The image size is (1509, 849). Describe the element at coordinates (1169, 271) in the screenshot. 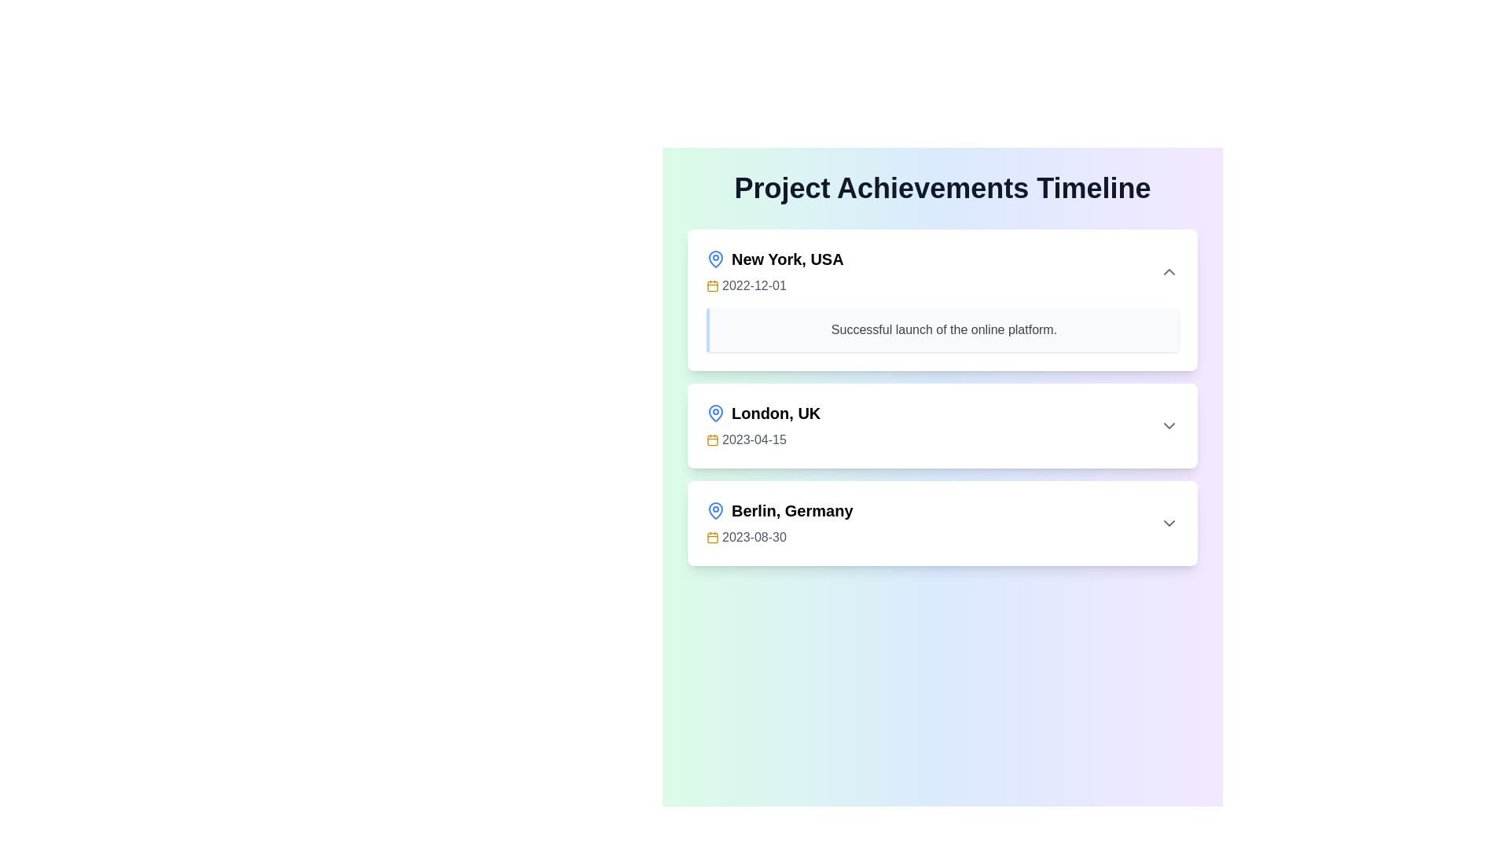

I see `the toggle button located in the uppermost section of the list, specifically in the right corner corresponding to the 'New York, USA' entry to change its color` at that location.